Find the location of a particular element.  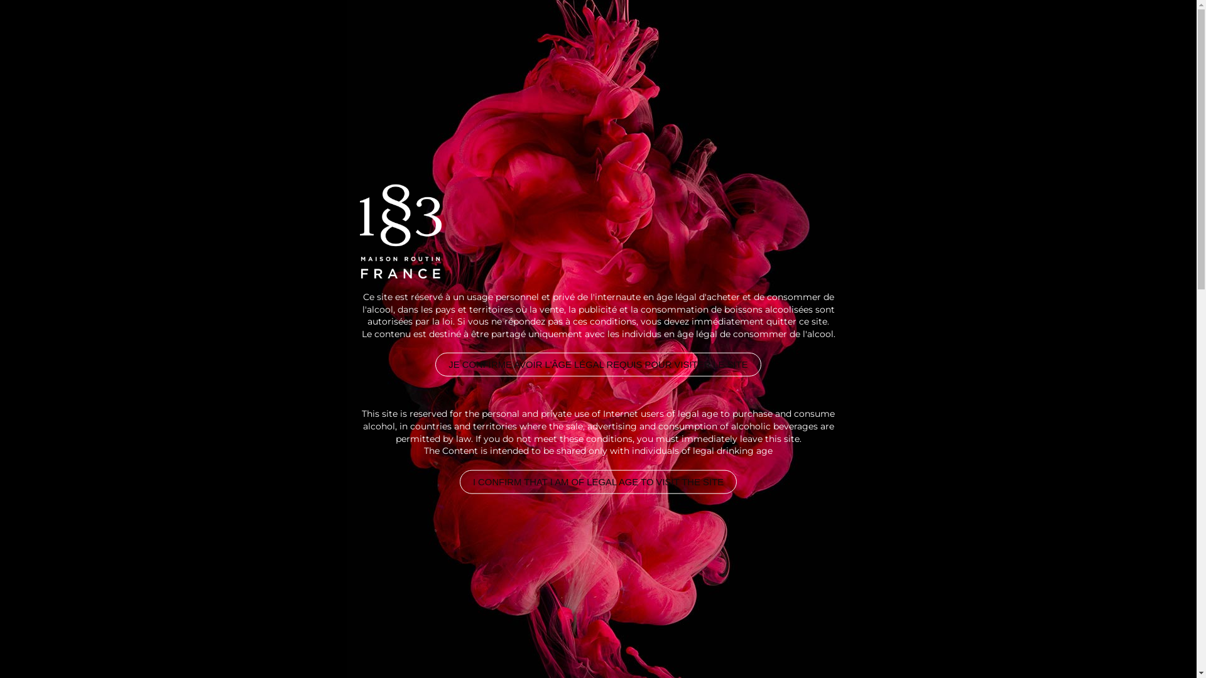

'SHORT DRINK' is located at coordinates (335, 186).